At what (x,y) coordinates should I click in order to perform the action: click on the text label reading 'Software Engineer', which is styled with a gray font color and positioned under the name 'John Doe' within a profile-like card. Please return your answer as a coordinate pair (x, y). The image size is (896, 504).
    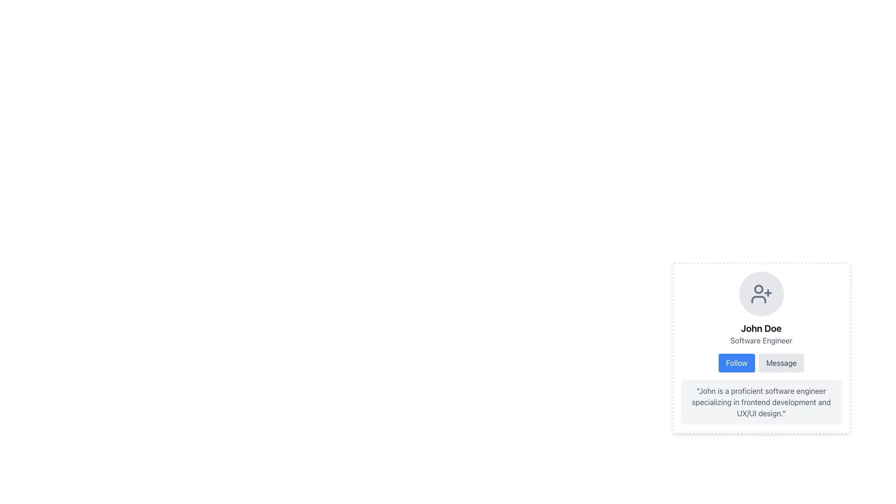
    Looking at the image, I should click on (761, 340).